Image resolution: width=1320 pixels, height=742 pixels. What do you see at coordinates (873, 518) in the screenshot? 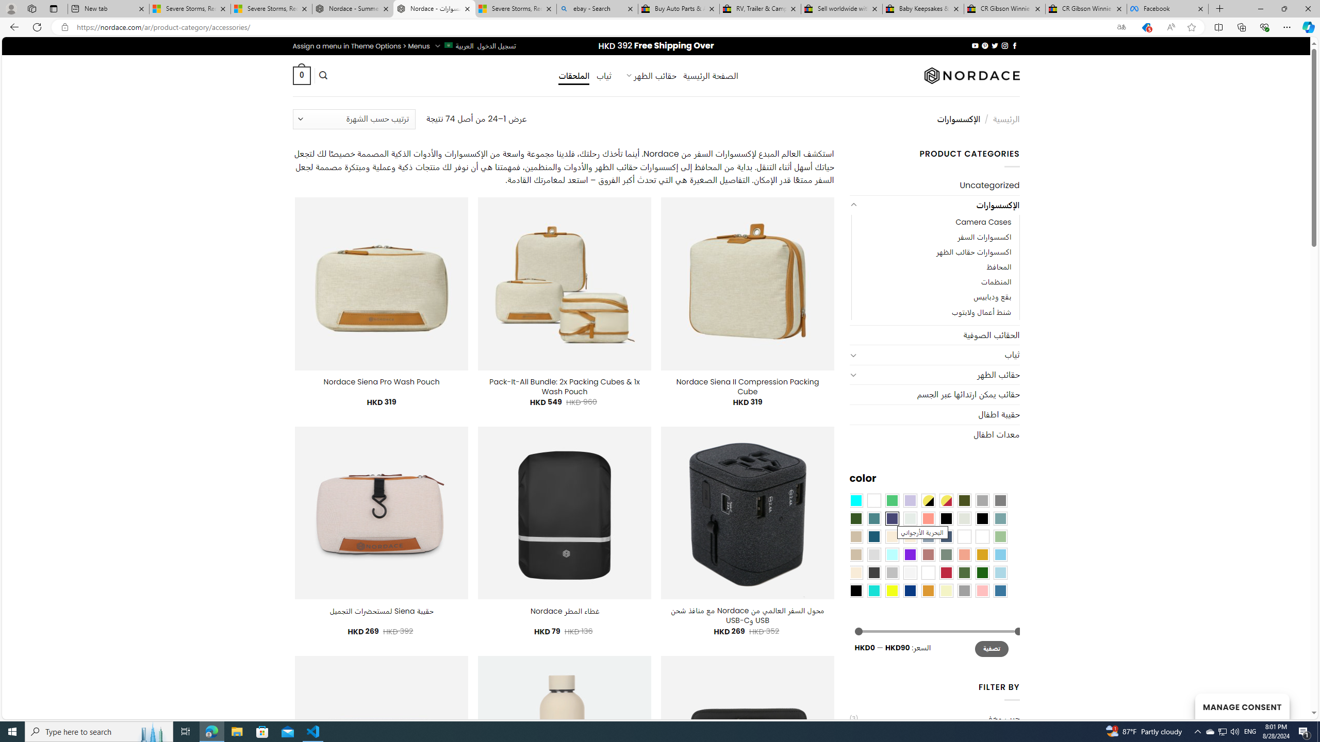
I see `'Teal'` at bounding box center [873, 518].